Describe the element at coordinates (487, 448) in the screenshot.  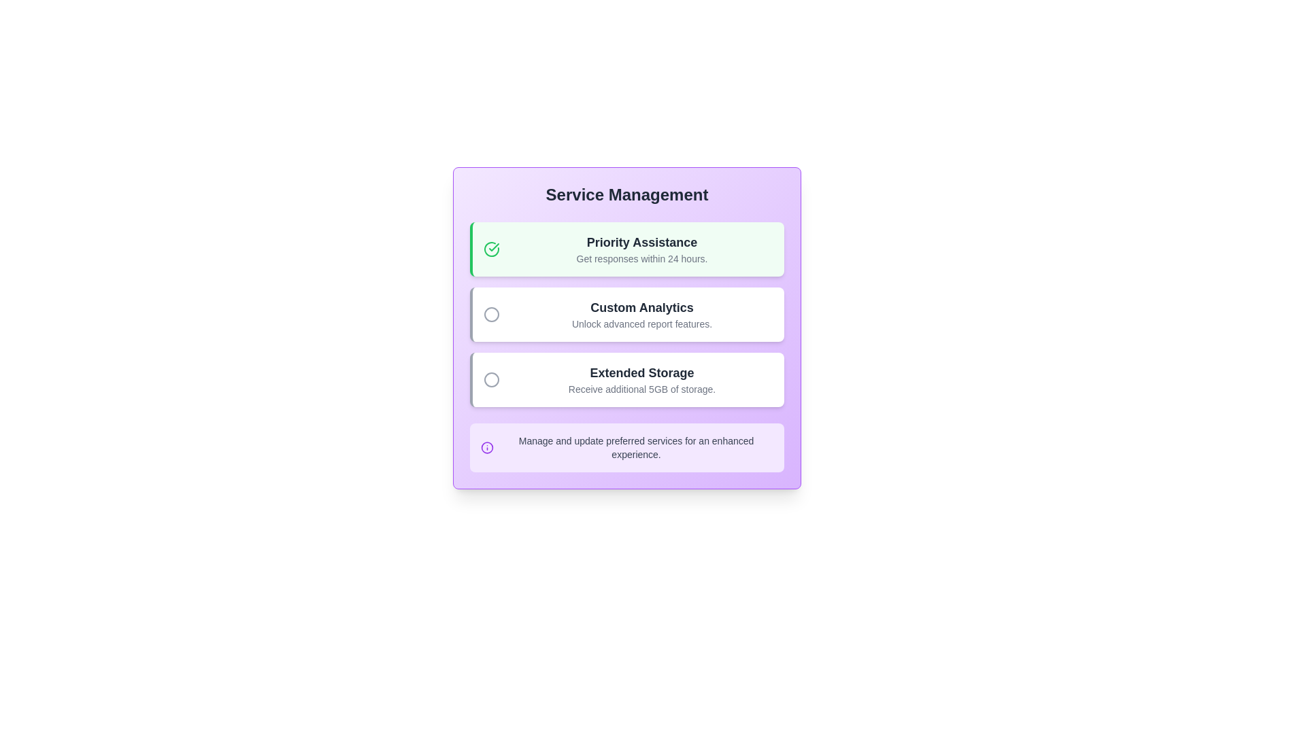
I see `the SVG circle element that is part of an information icon located to the left of a line of descriptive text near the lower region of the user interface` at that location.